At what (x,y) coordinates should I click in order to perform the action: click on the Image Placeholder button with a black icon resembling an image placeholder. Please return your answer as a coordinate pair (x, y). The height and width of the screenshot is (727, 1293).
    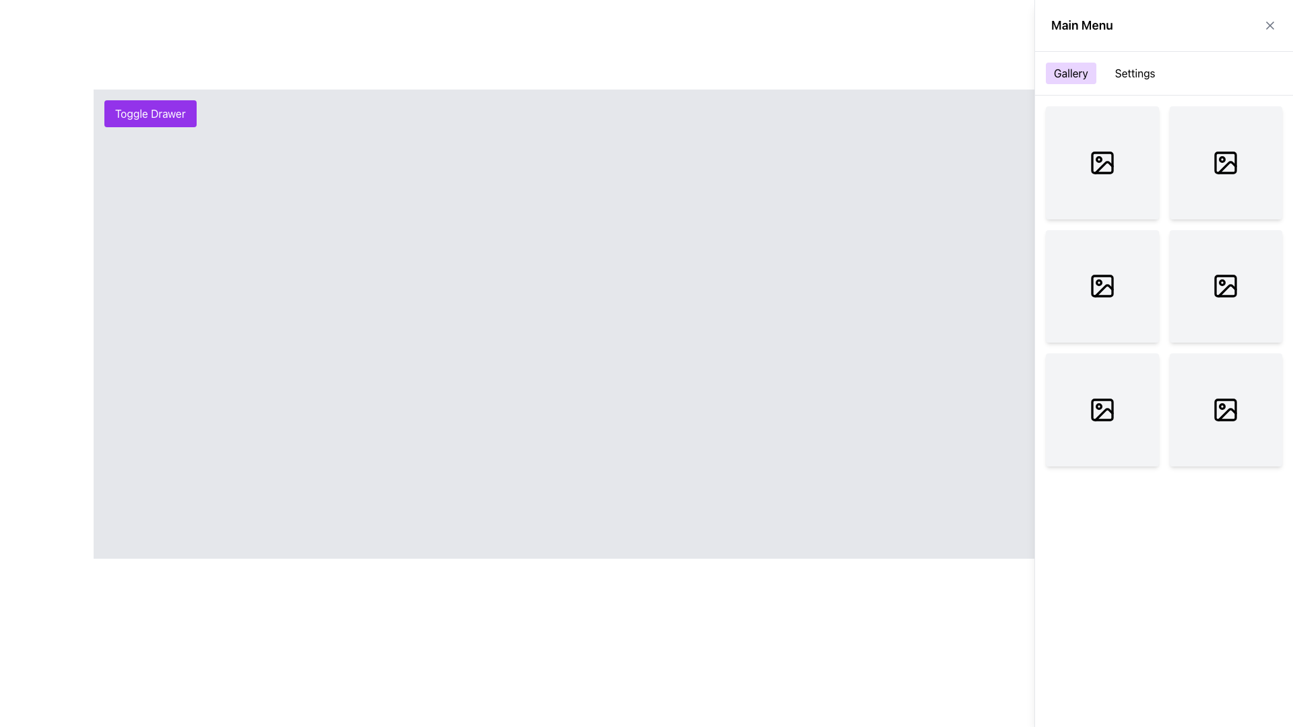
    Looking at the image, I should click on (1226, 409).